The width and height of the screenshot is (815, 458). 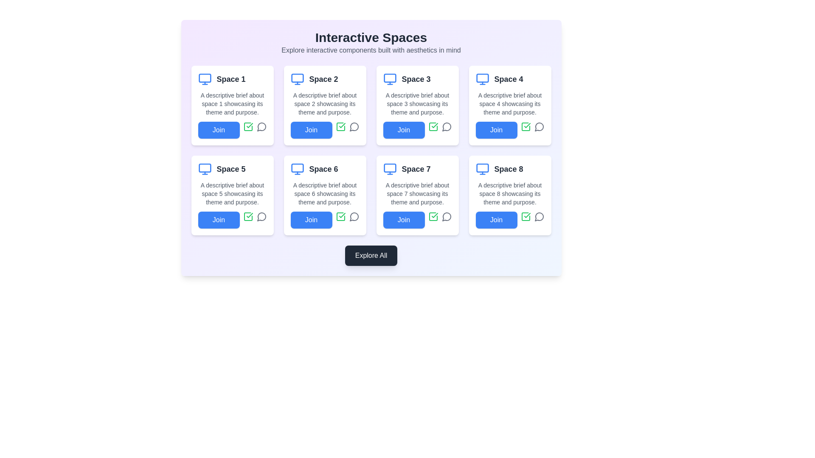 What do you see at coordinates (371, 255) in the screenshot?
I see `the 'Explore All' button, which is a dark gray rectangular button with rounded corners and white text, located centrally at the bottom of the interface` at bounding box center [371, 255].